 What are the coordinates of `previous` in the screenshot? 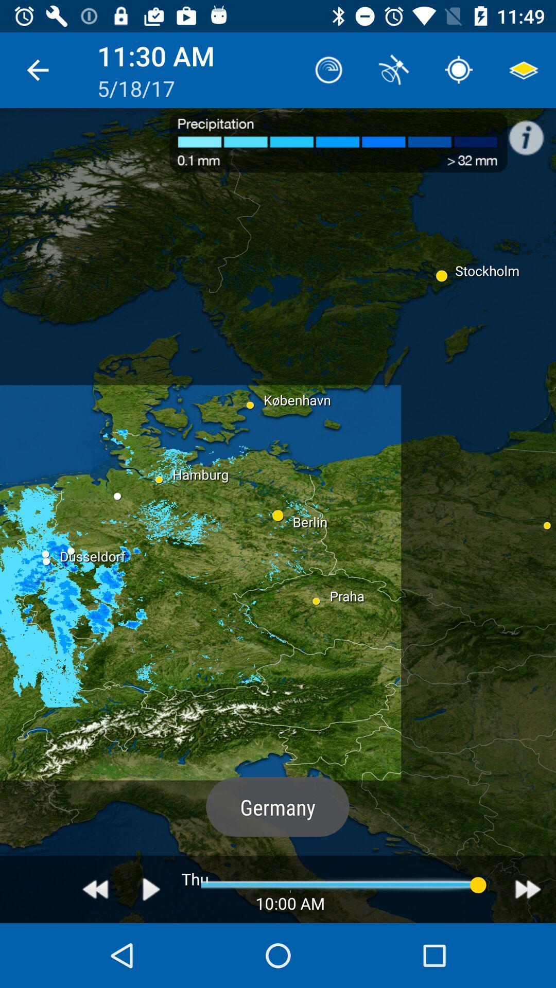 It's located at (95, 889).